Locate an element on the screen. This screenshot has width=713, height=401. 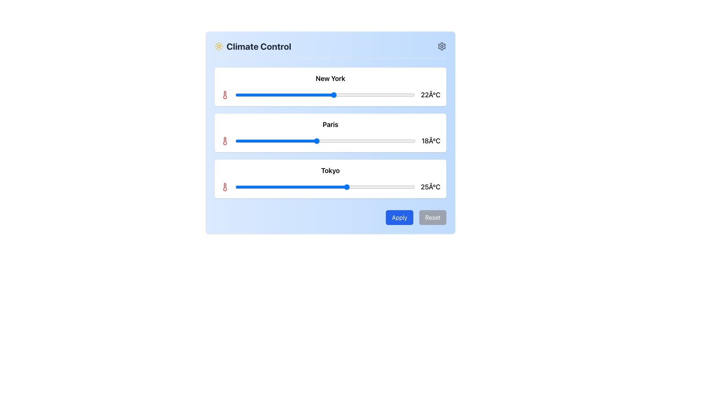
the temperature value is located at coordinates (235, 94).